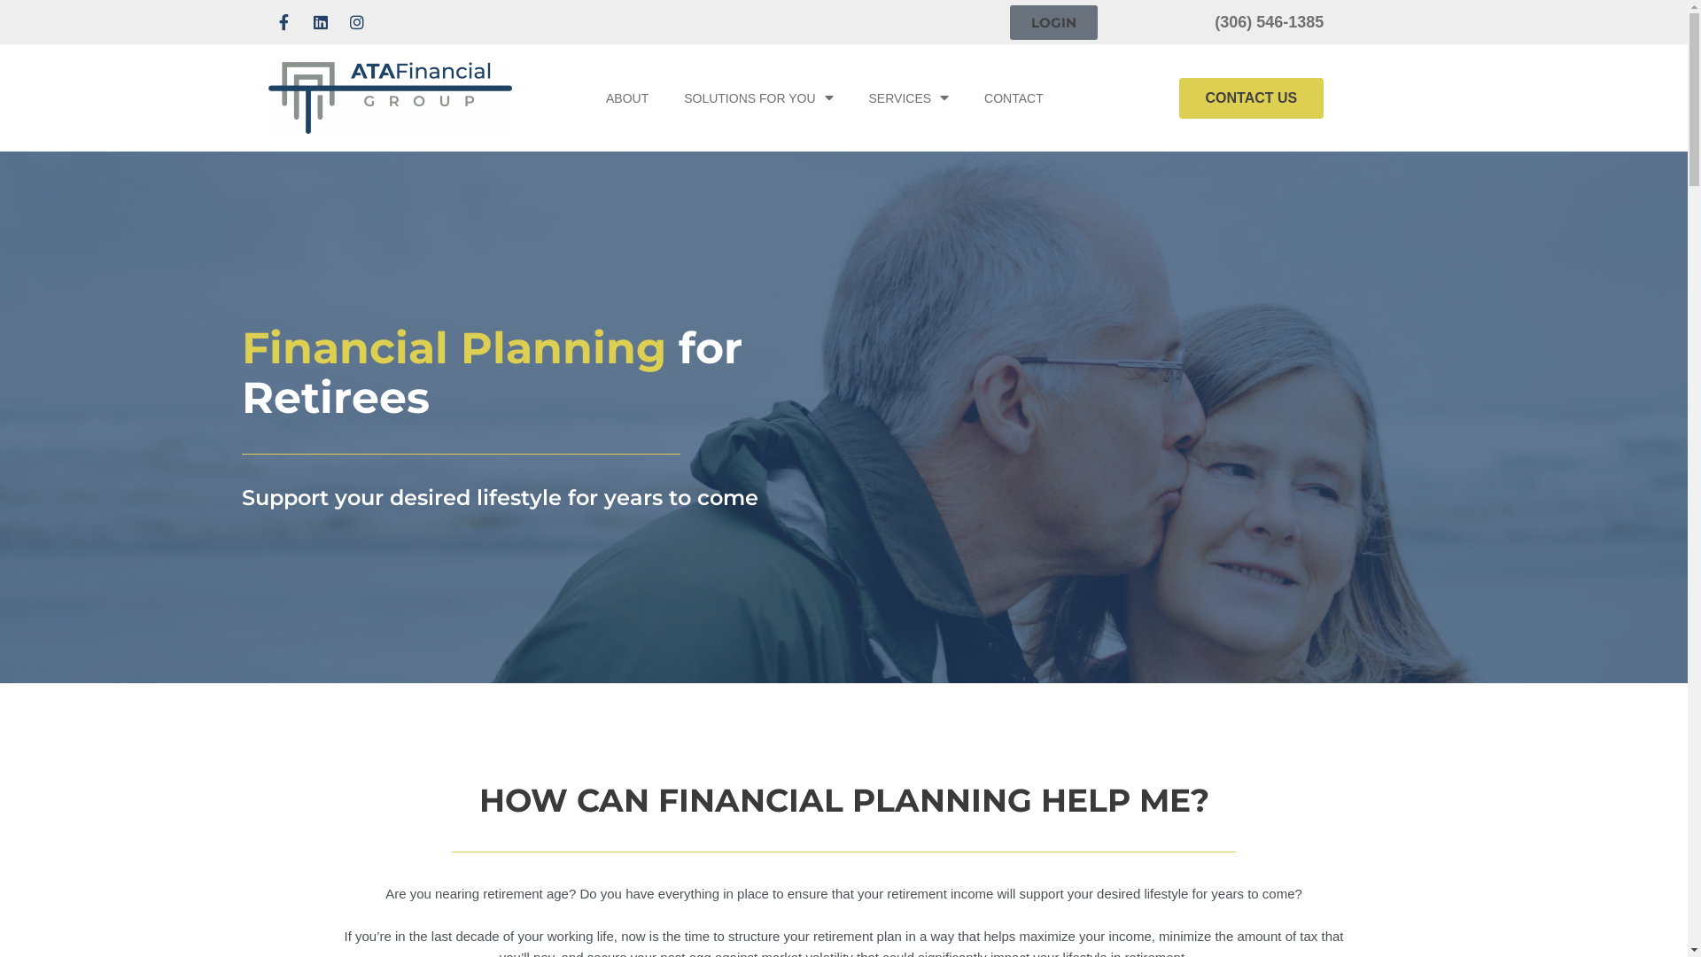  Describe the element at coordinates (850, 98) in the screenshot. I see `'SERVICES'` at that location.